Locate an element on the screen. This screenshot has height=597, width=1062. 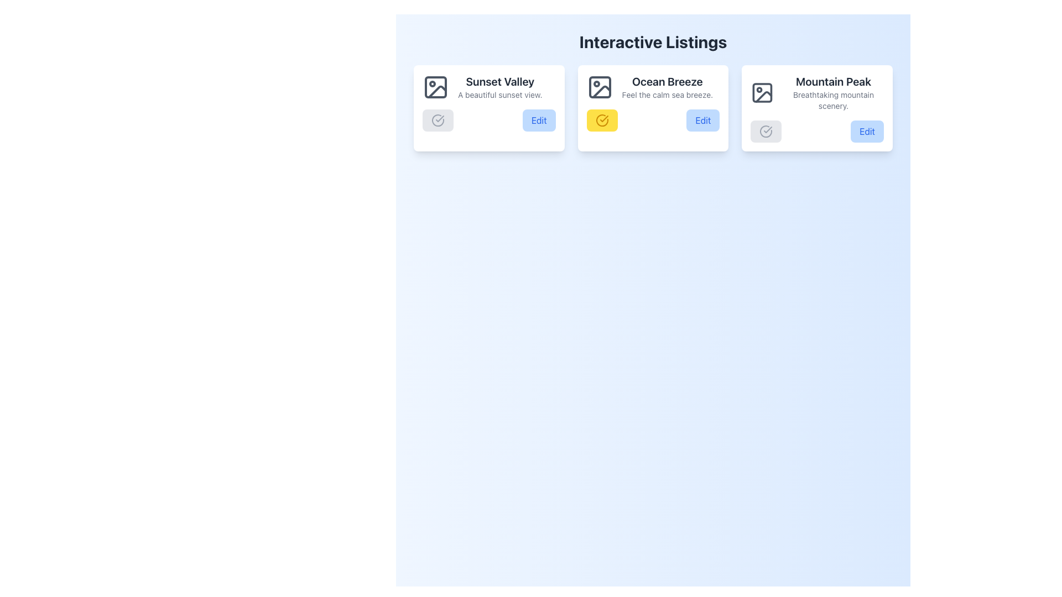
the circular check mark icon with a yellow fill and darker yellow stroke located inside the 'Ocean Breeze' card in the 'Interactive Listings' section is located at coordinates (601, 121).